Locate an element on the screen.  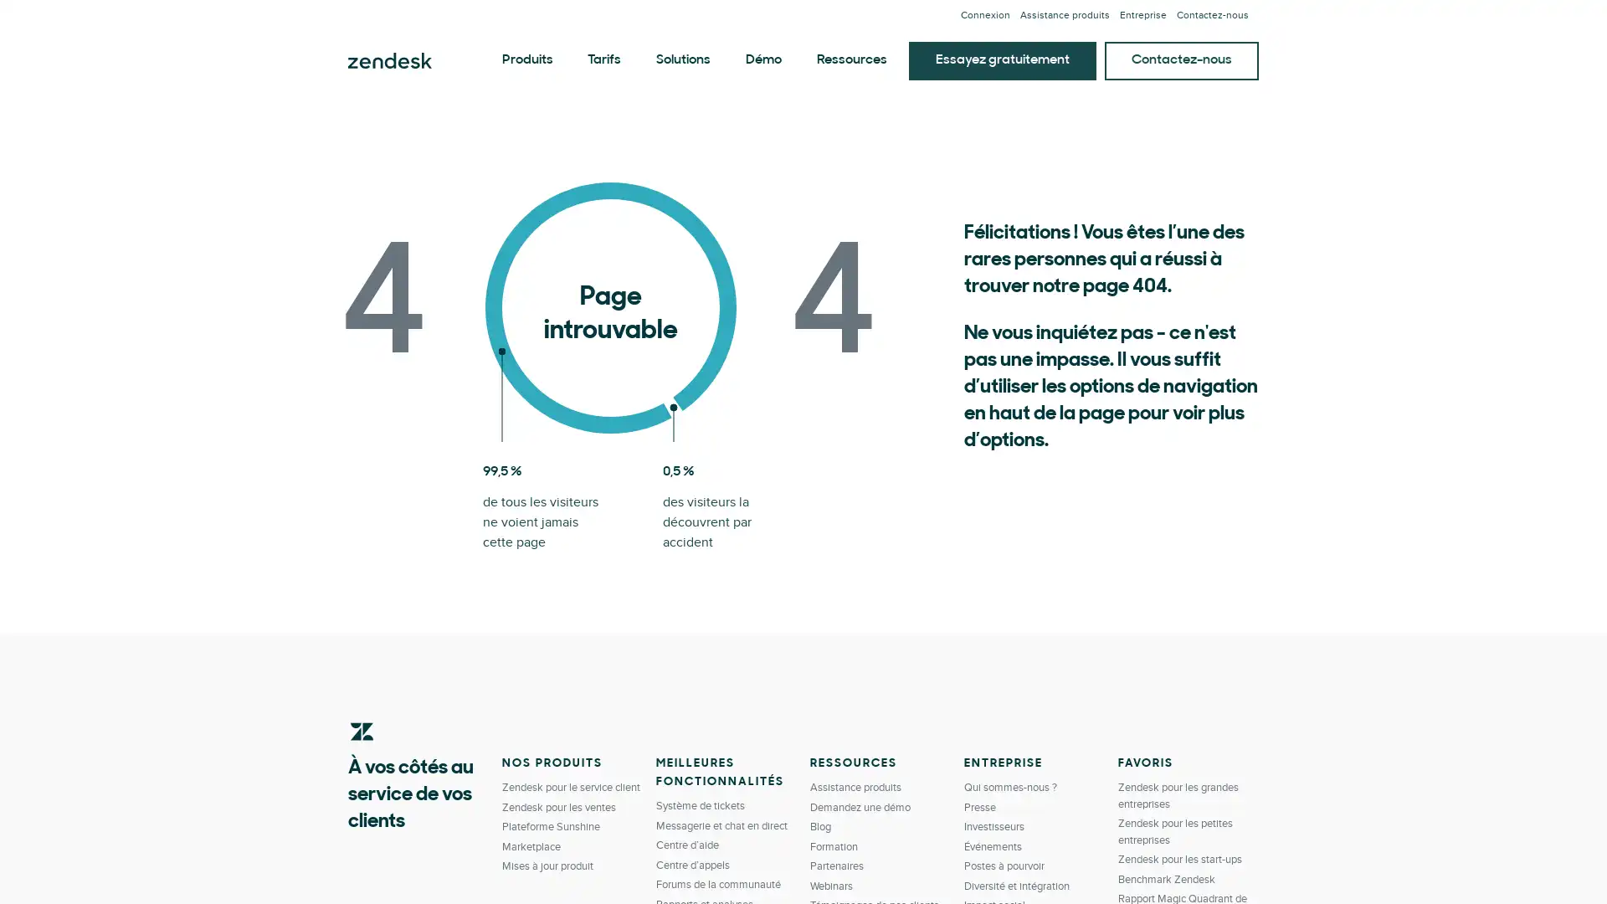
Tout refuser is located at coordinates (1414, 860).